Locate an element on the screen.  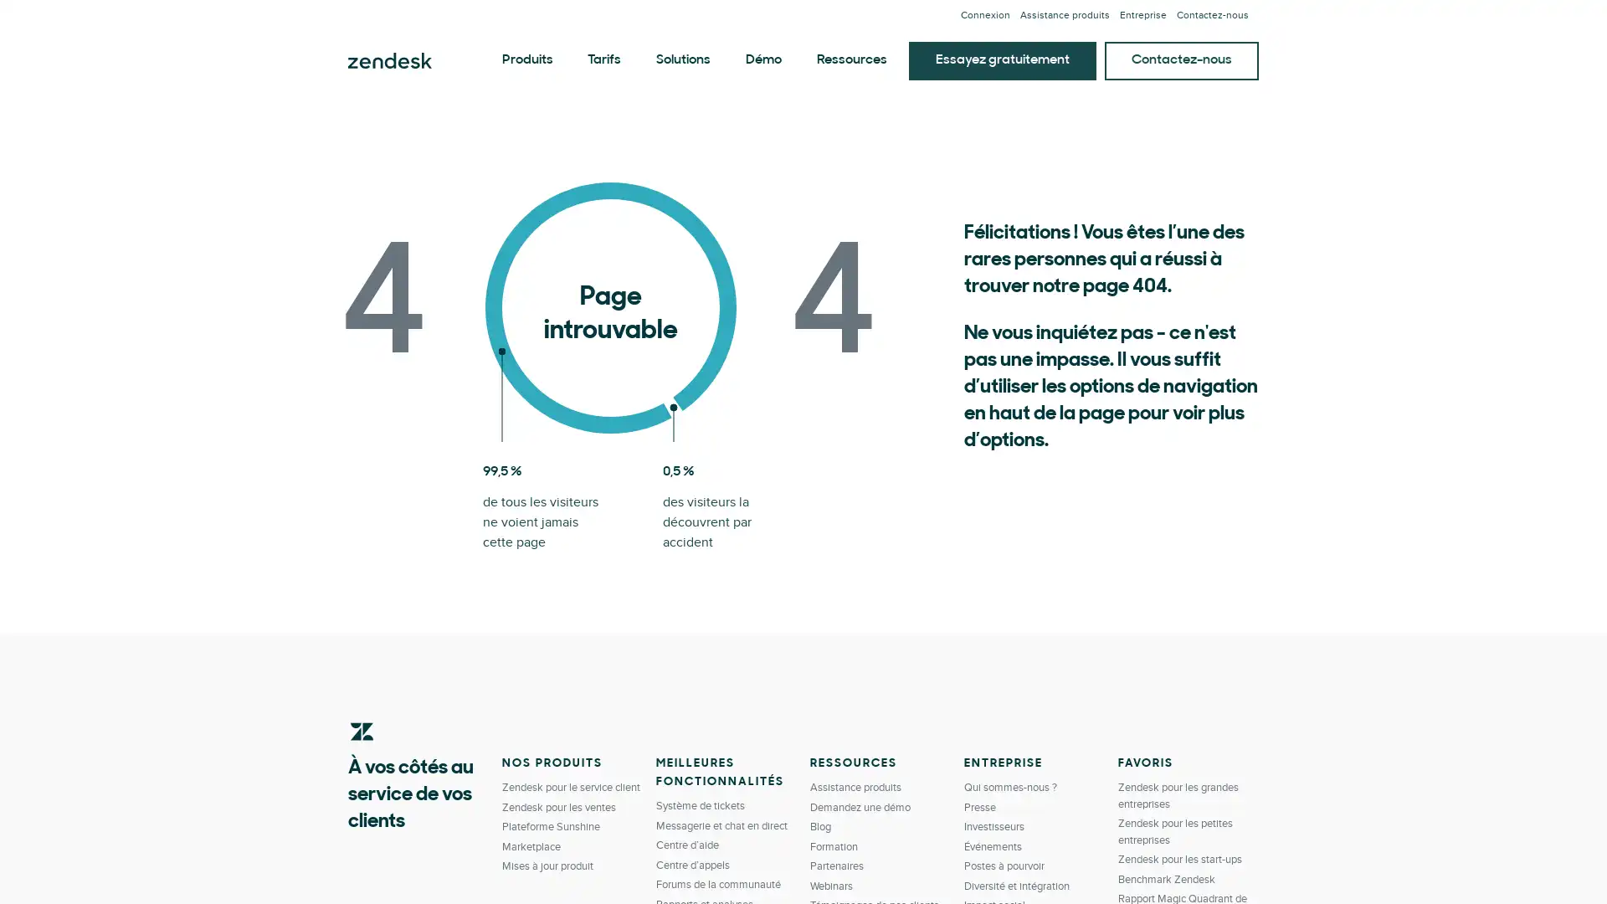
Tout refuser is located at coordinates (1414, 860).